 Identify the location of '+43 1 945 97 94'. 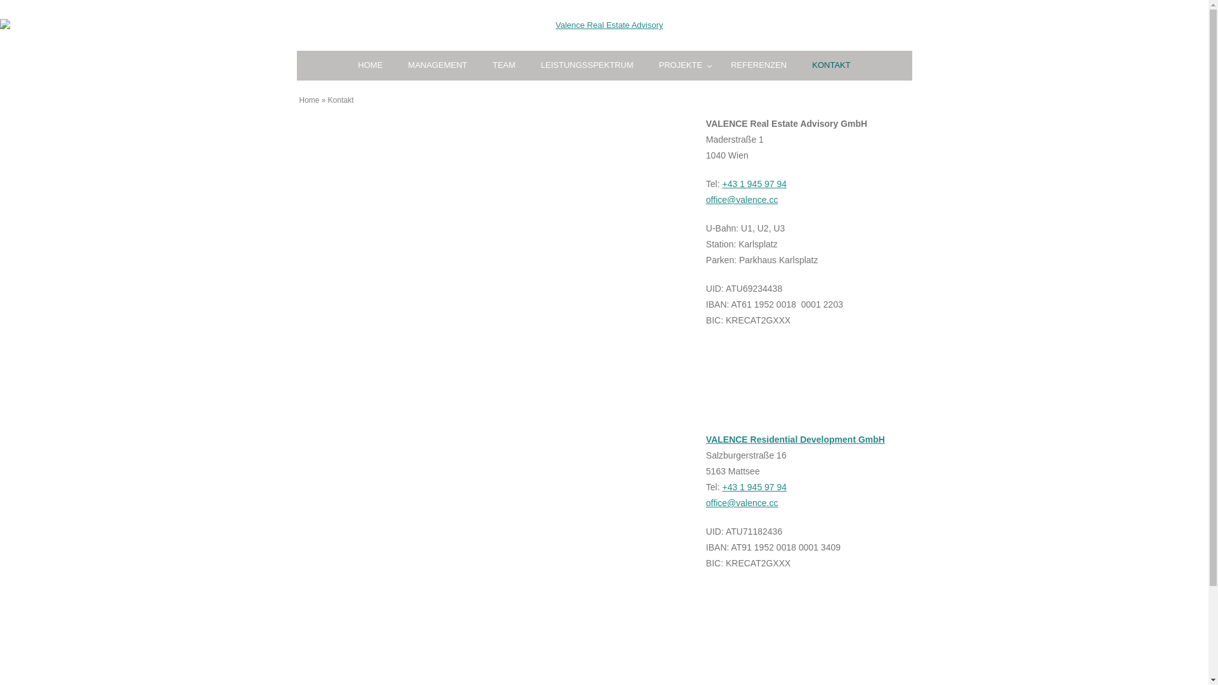
(755, 486).